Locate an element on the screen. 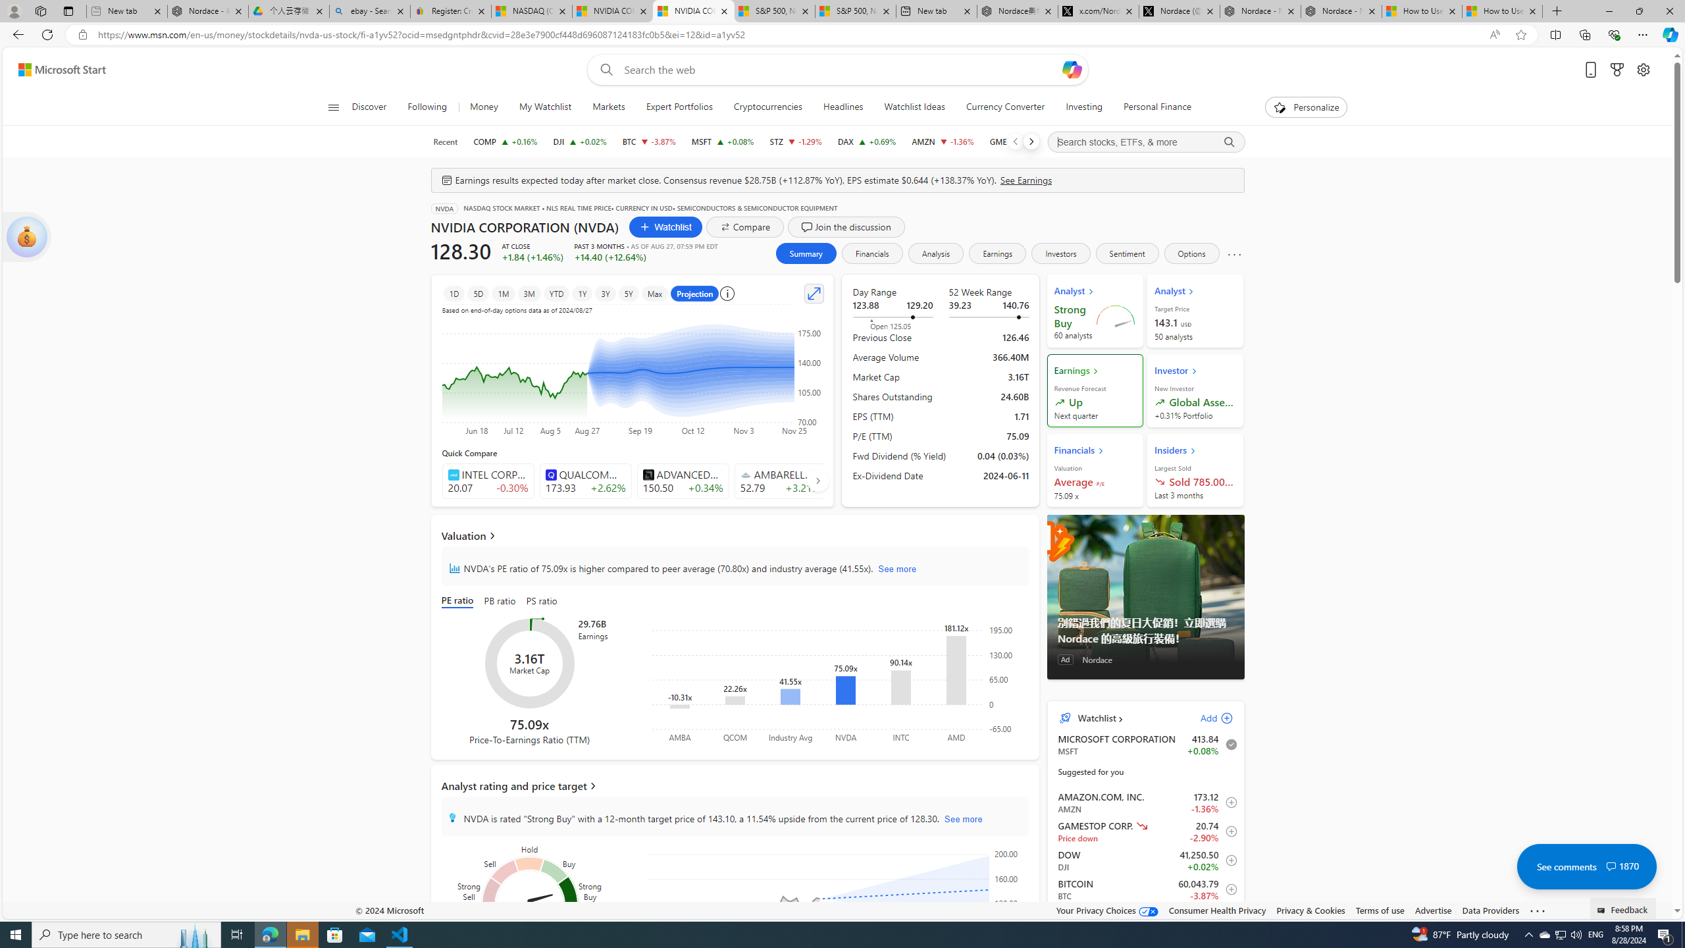 The width and height of the screenshot is (1685, 948). 'Analysis' is located at coordinates (936, 252).